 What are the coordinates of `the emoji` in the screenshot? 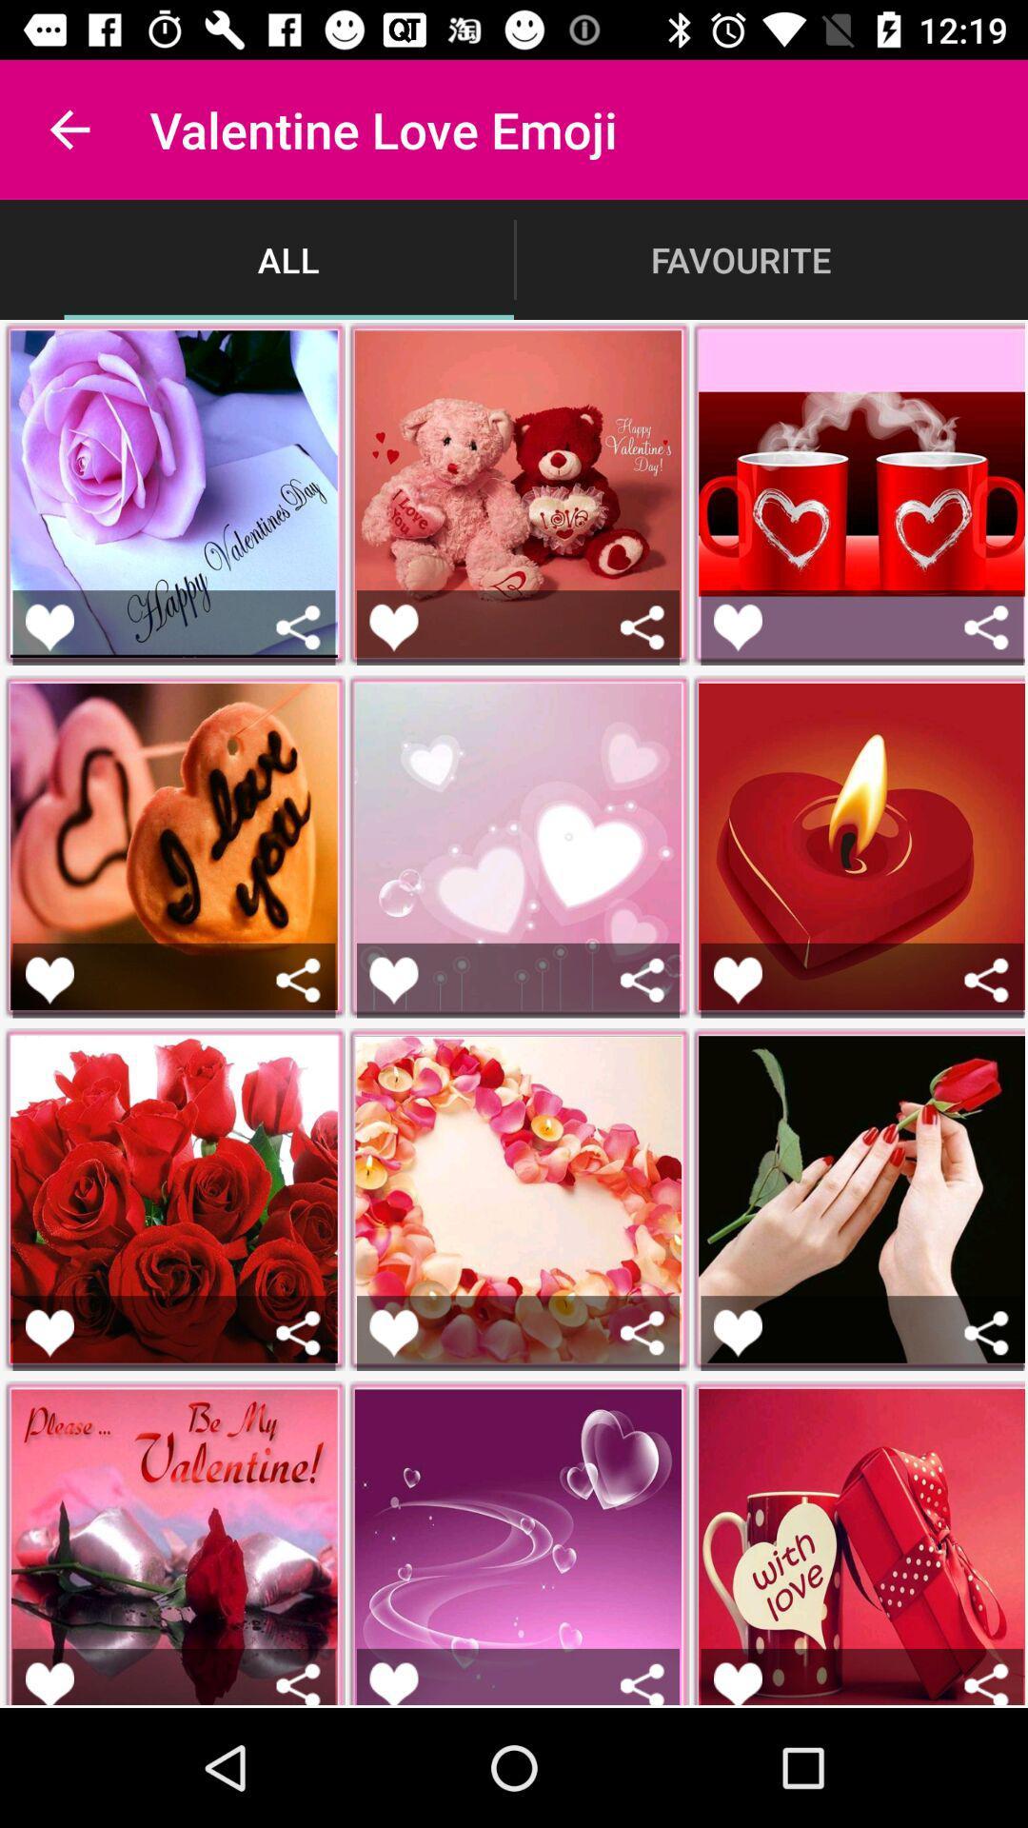 It's located at (392, 1332).